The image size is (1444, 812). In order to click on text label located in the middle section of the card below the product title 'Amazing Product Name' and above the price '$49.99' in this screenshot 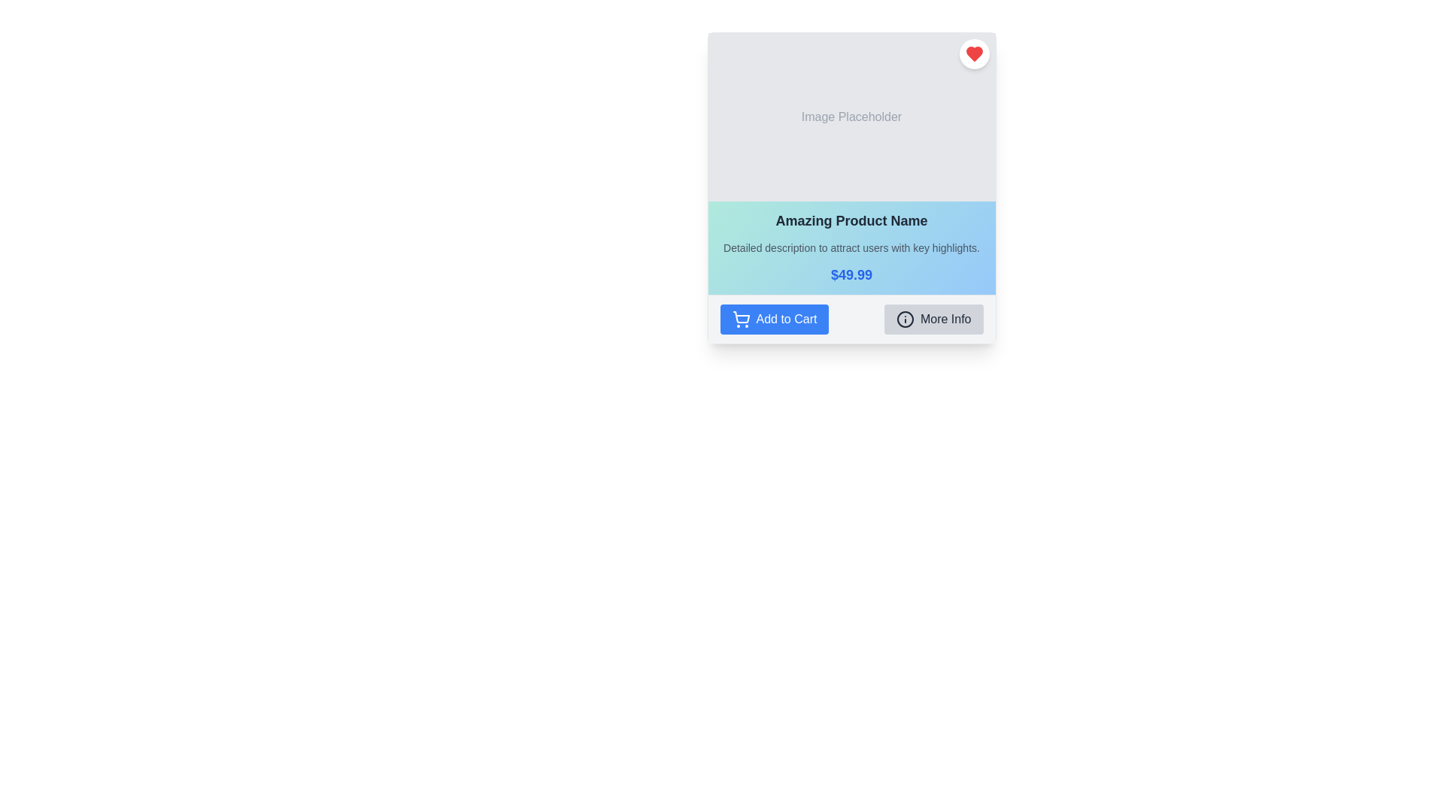, I will do `click(851, 247)`.